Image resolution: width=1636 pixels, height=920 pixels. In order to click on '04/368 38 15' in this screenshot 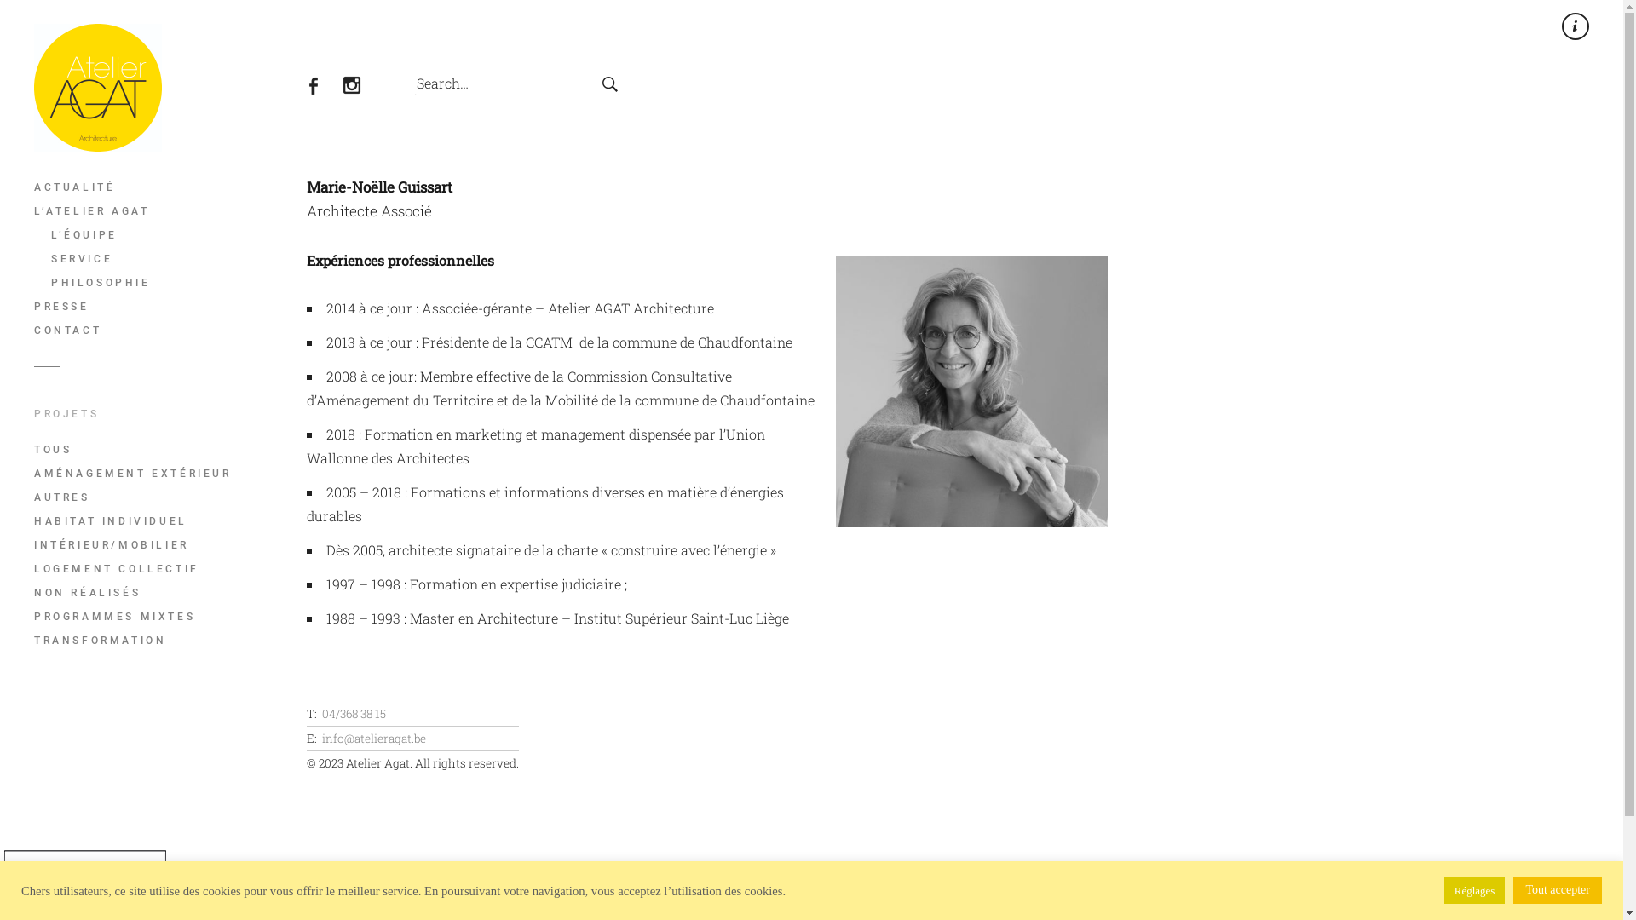, I will do `click(353, 713)`.